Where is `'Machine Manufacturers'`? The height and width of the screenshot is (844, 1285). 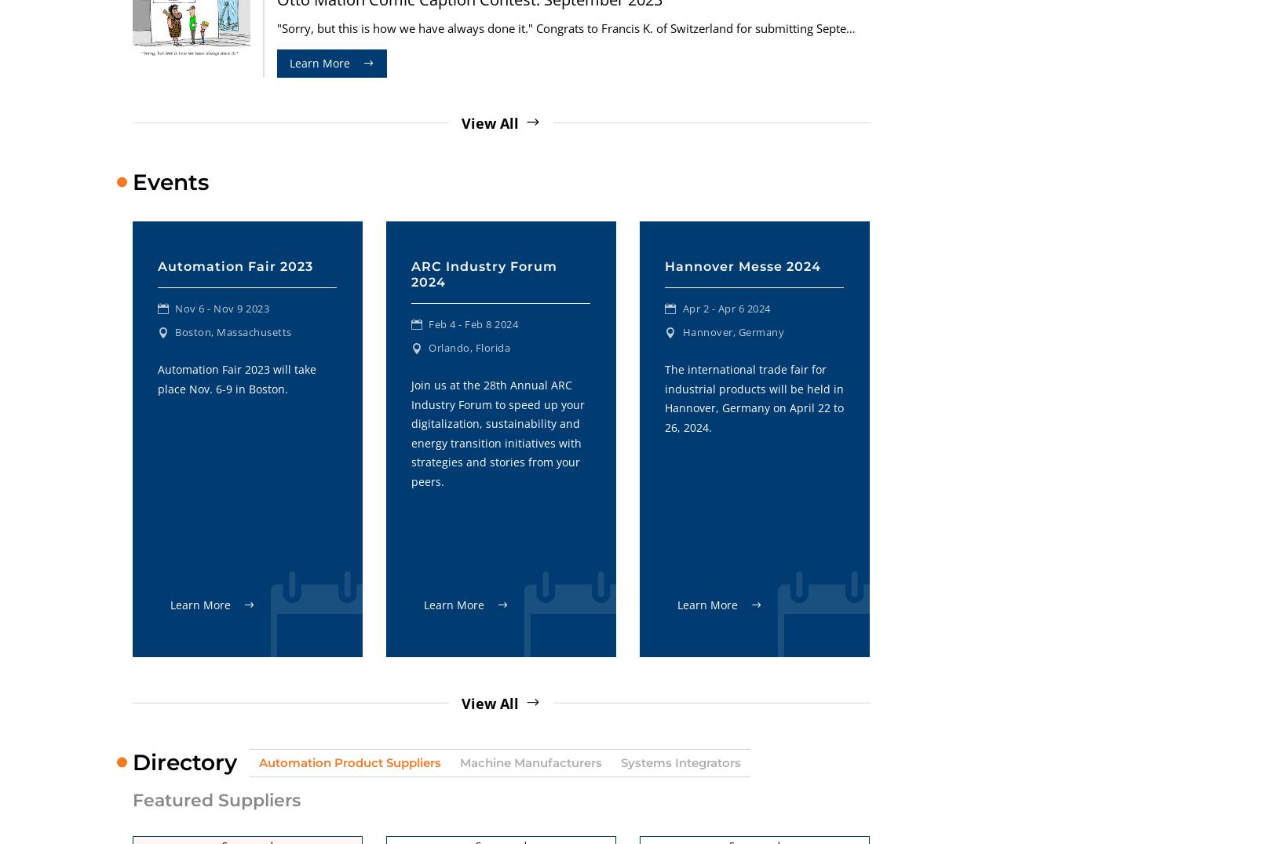
'Machine Manufacturers' is located at coordinates (529, 762).